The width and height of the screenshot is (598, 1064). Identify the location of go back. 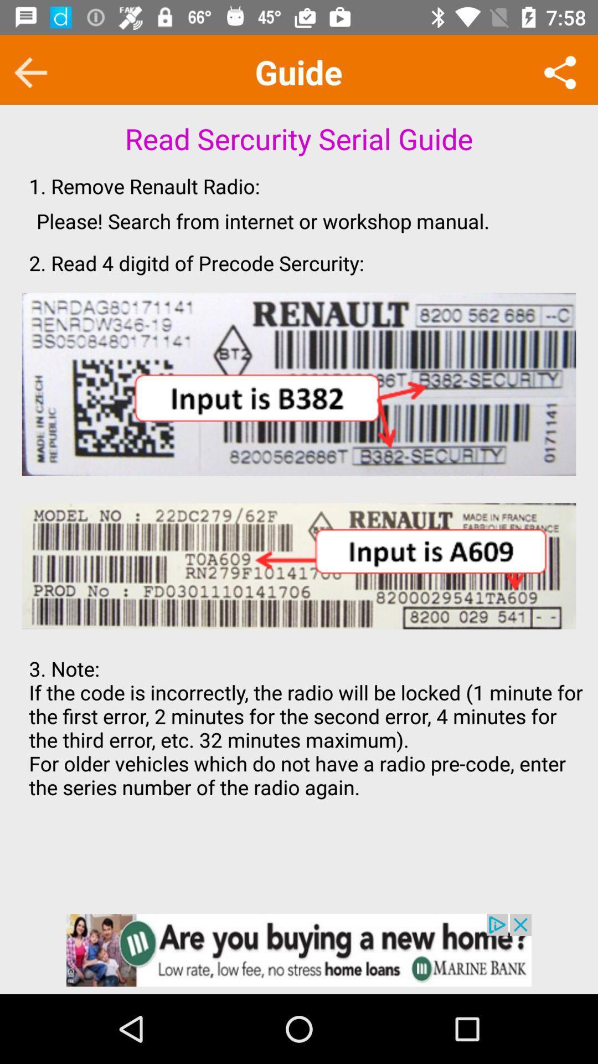
(30, 72).